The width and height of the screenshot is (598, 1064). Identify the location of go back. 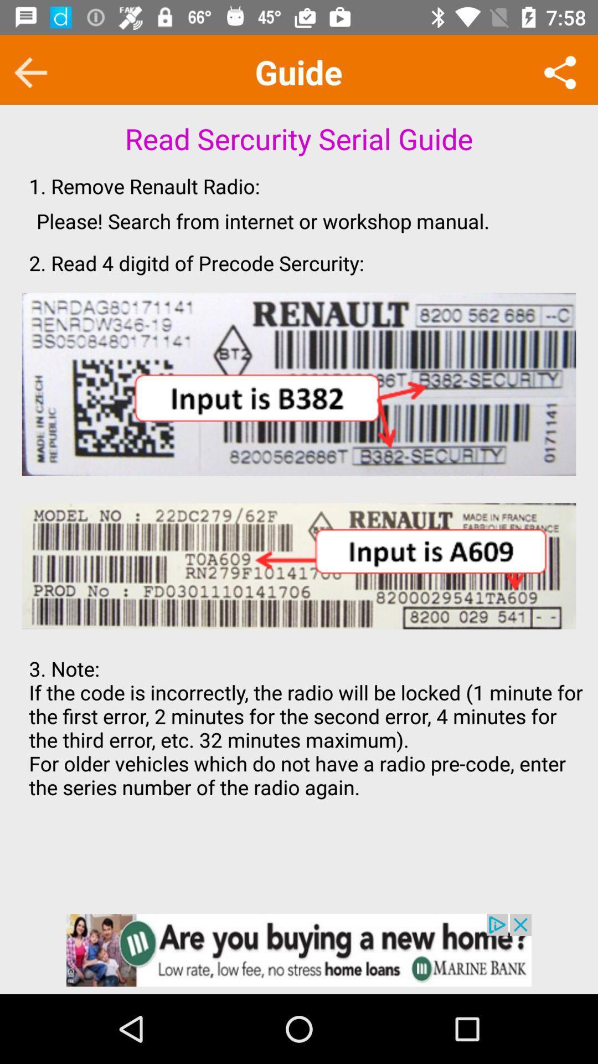
(30, 72).